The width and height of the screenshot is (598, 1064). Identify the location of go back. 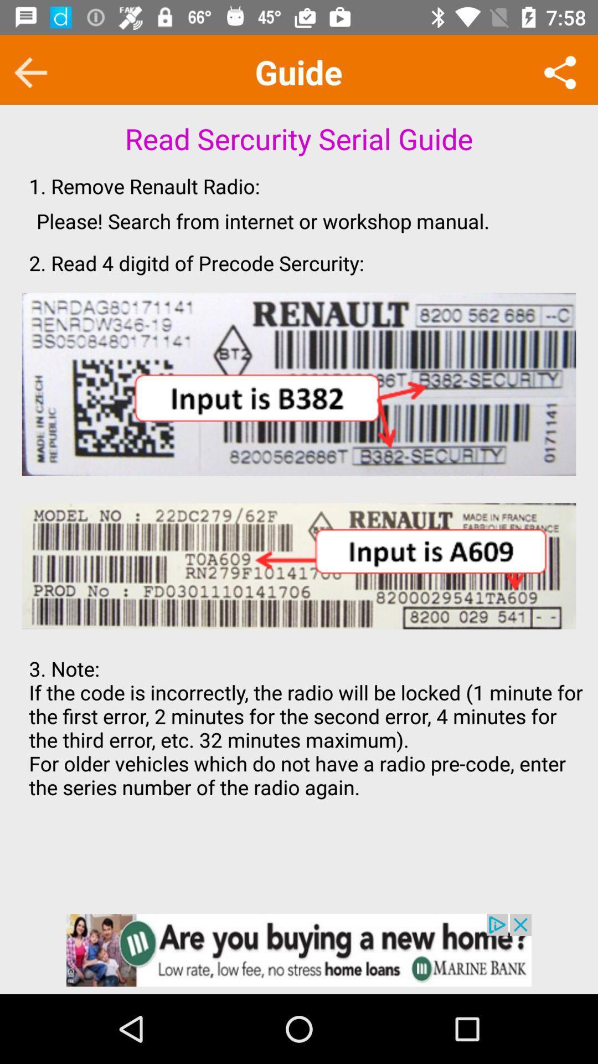
(30, 72).